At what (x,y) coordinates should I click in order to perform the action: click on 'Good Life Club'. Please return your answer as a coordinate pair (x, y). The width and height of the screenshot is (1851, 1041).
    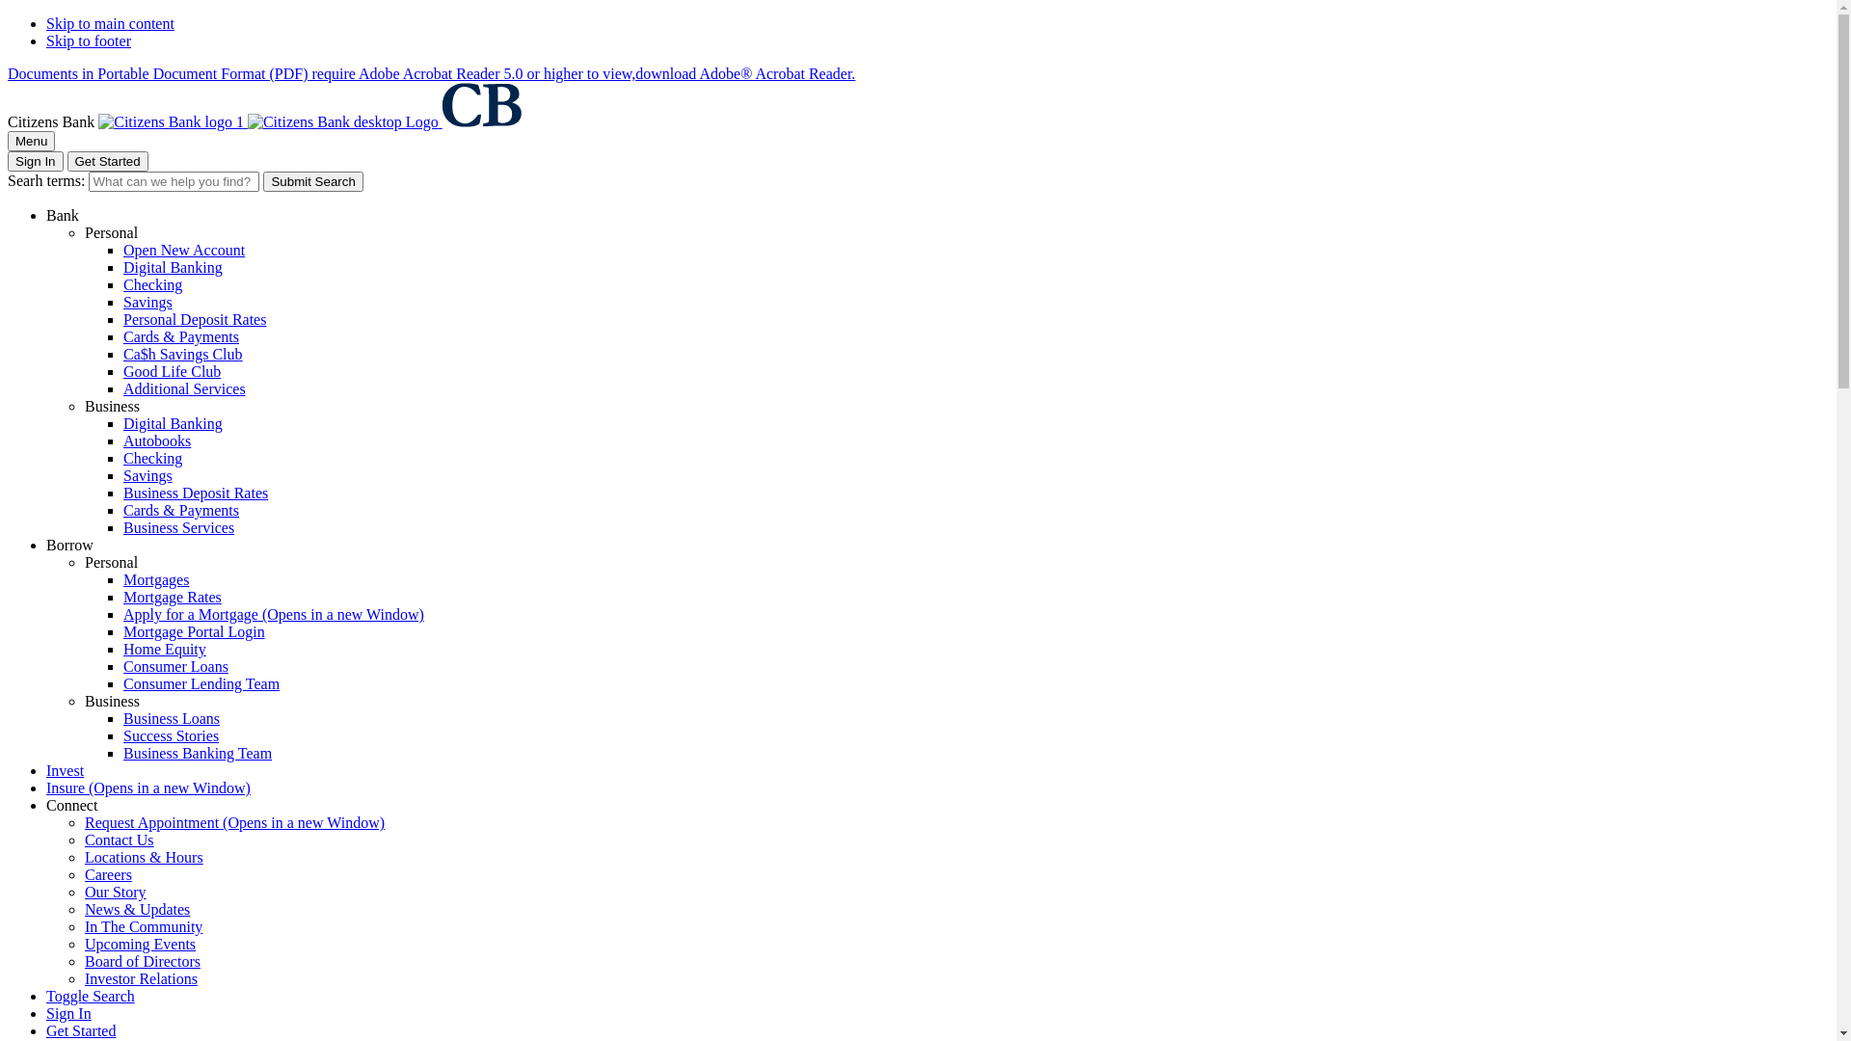
    Looking at the image, I should click on (172, 371).